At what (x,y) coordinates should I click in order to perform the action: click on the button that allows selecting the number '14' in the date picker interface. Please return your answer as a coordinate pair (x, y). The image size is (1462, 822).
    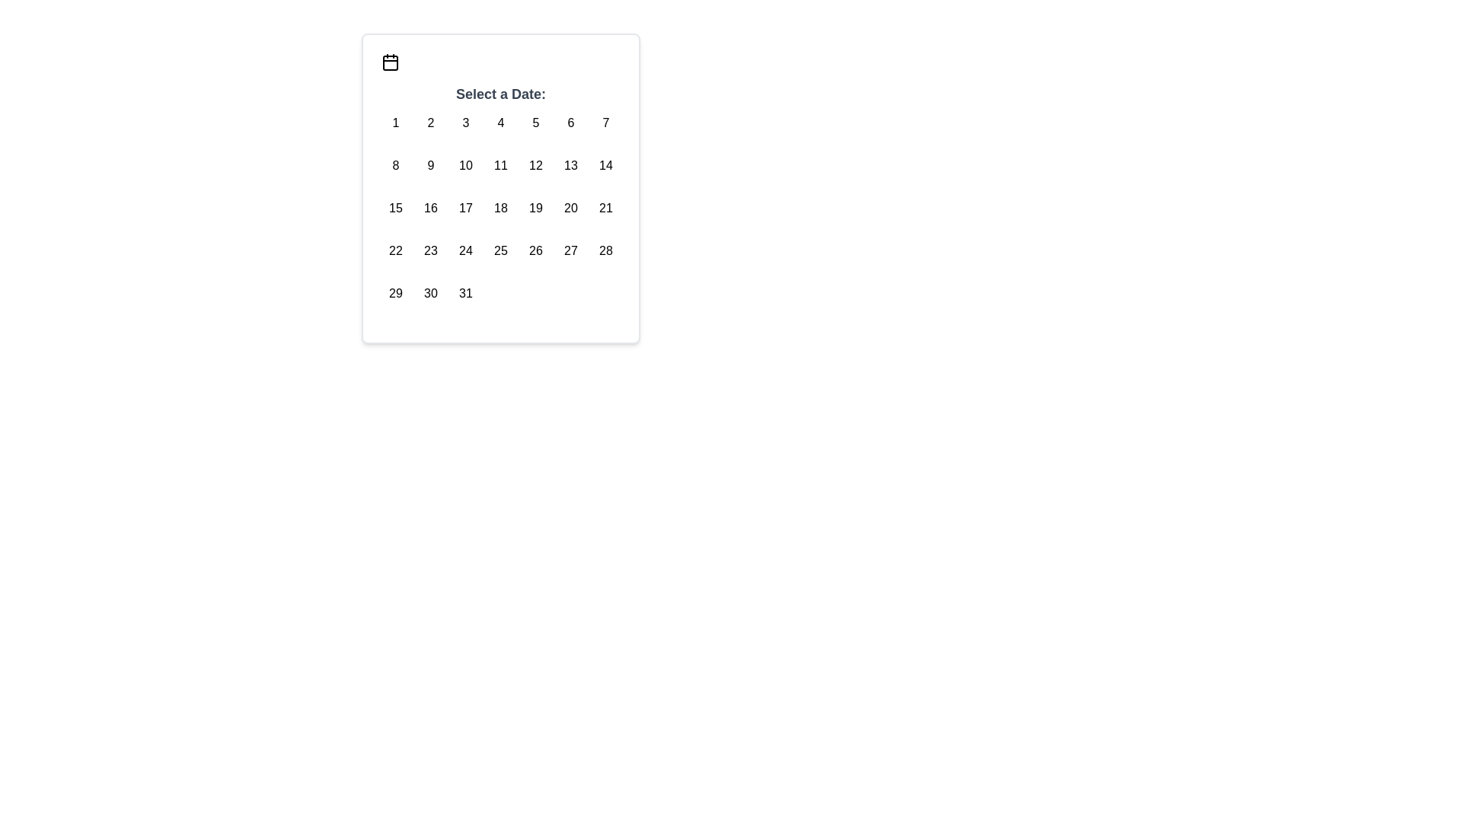
    Looking at the image, I should click on (605, 166).